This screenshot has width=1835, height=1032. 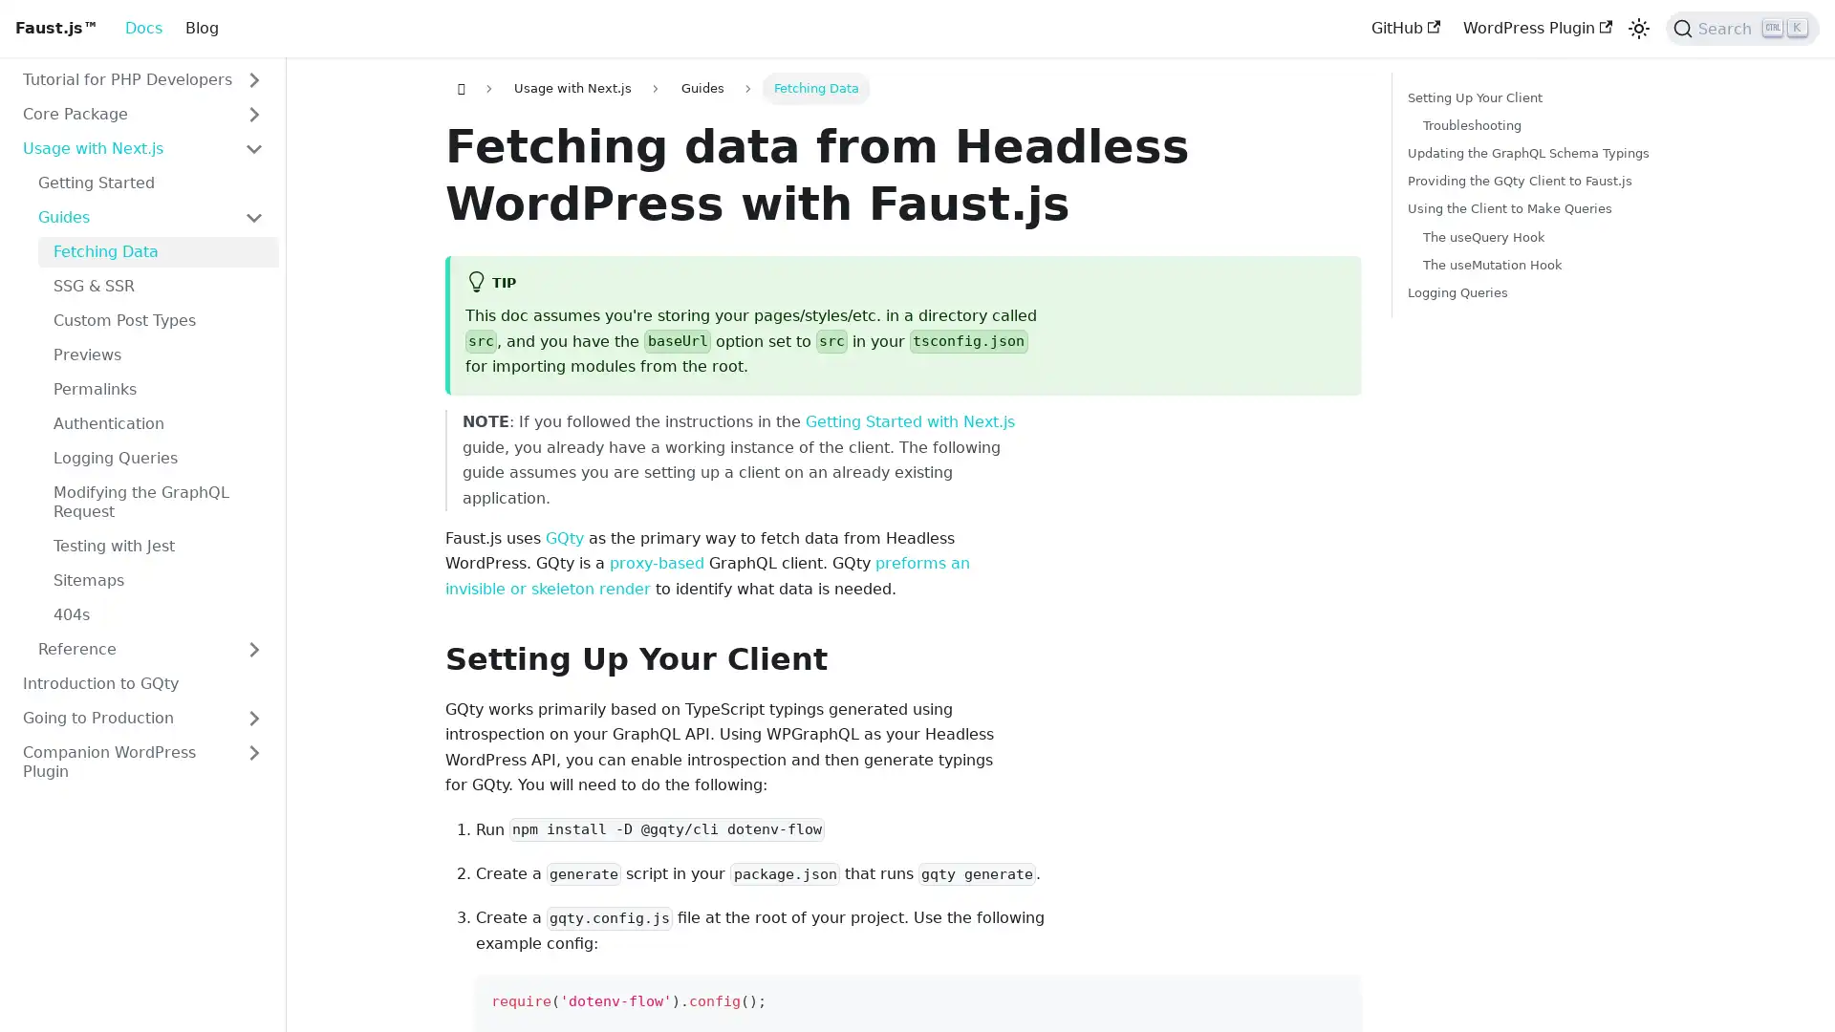 I want to click on Search, so click(x=1742, y=29).